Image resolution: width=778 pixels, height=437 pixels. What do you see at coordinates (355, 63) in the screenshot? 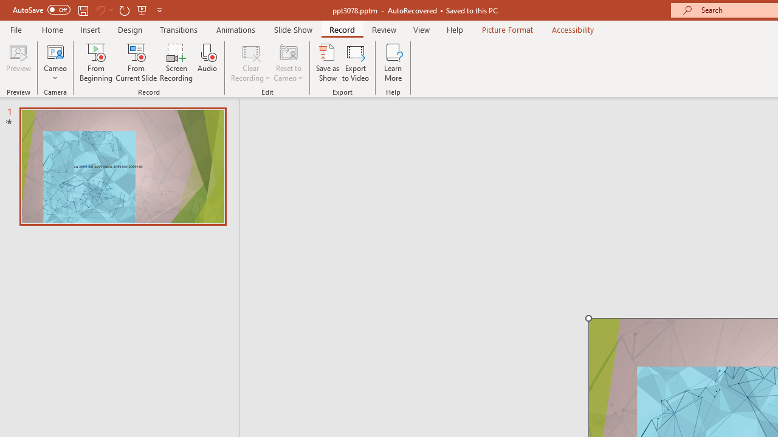
I see `'Export to Video'` at bounding box center [355, 63].